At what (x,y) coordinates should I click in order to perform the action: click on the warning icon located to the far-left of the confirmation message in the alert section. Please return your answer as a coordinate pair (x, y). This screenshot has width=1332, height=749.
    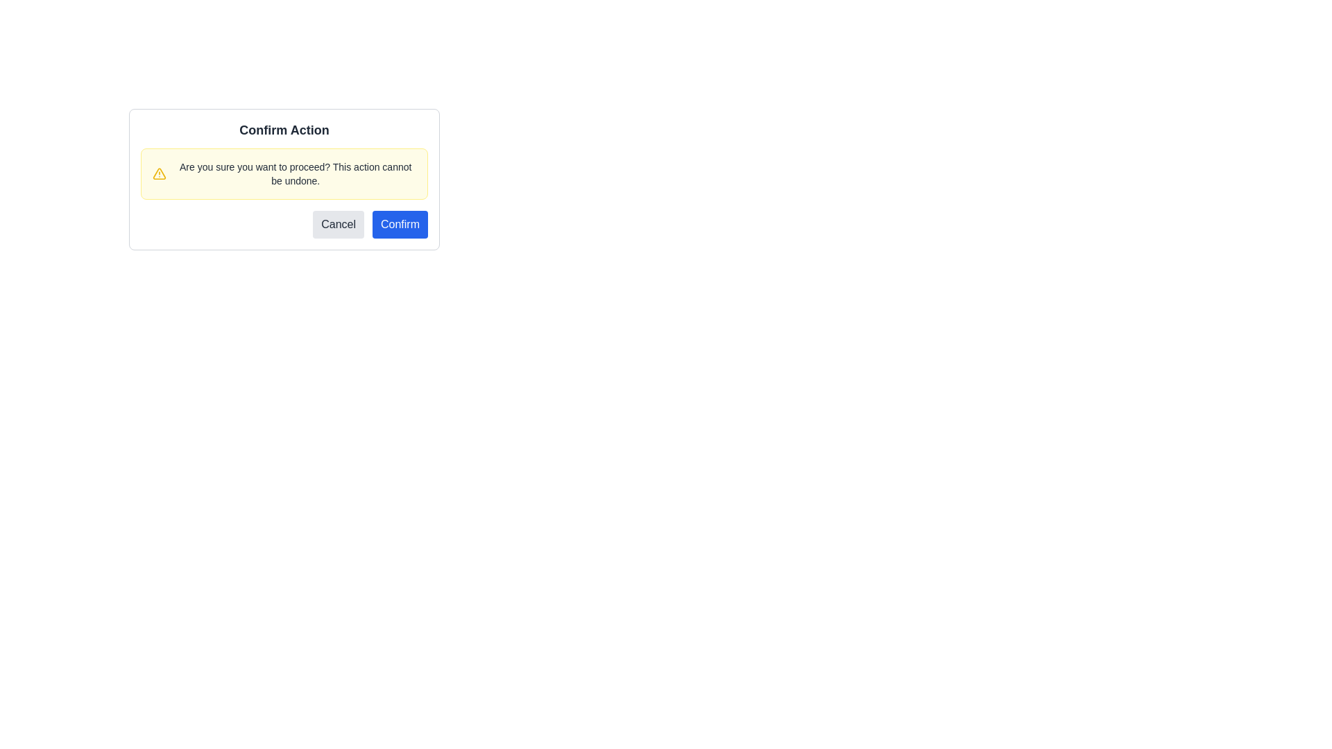
    Looking at the image, I should click on (160, 173).